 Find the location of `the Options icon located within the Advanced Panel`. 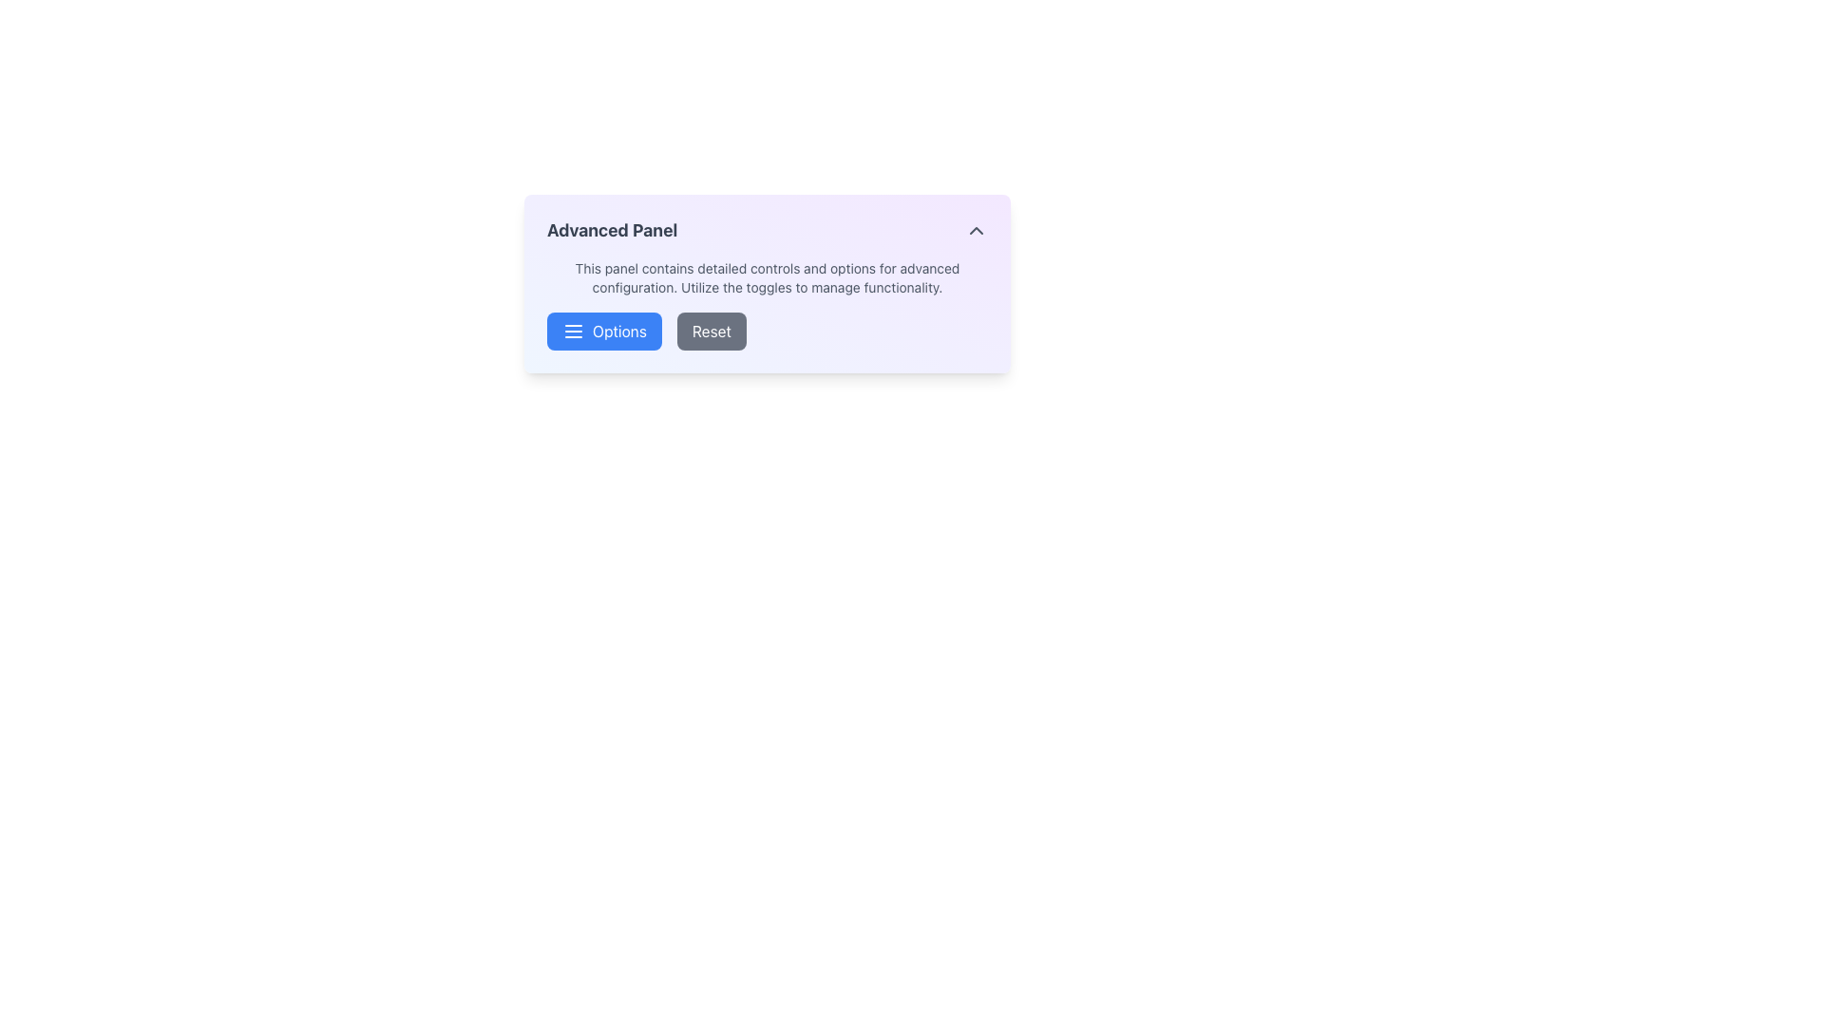

the Options icon located within the Advanced Panel is located at coordinates (573, 330).